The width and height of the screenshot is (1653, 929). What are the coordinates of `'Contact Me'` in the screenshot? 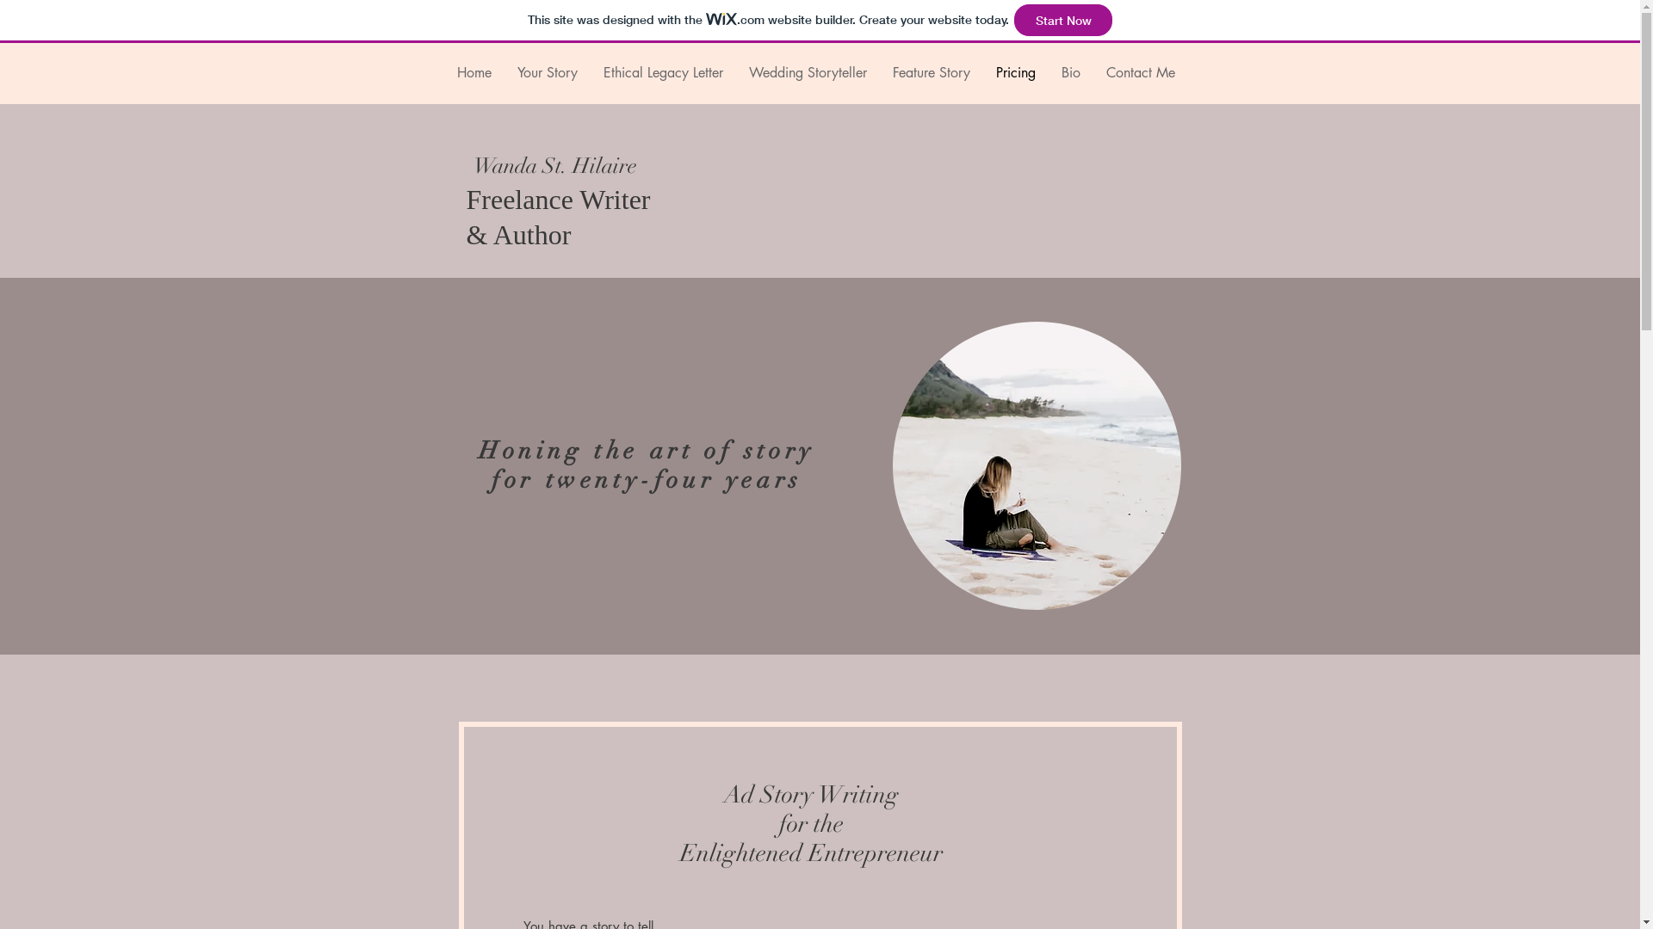 It's located at (1093, 71).